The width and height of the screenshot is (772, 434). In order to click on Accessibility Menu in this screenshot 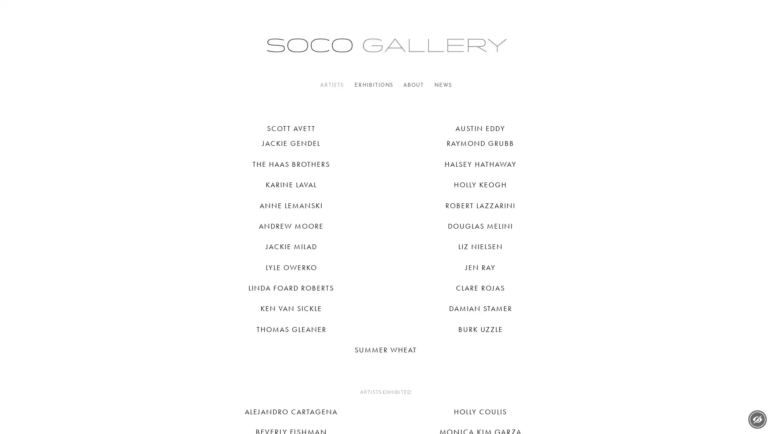, I will do `click(757, 419)`.